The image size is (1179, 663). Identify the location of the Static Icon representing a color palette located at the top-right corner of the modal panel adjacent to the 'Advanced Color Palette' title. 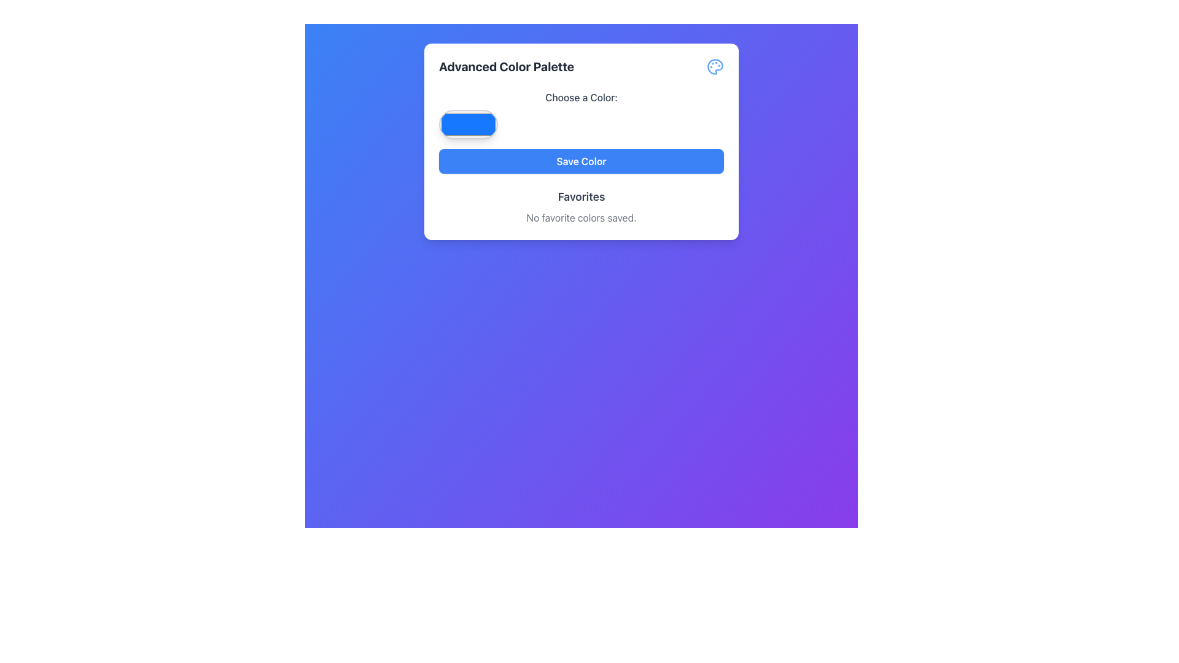
(715, 66).